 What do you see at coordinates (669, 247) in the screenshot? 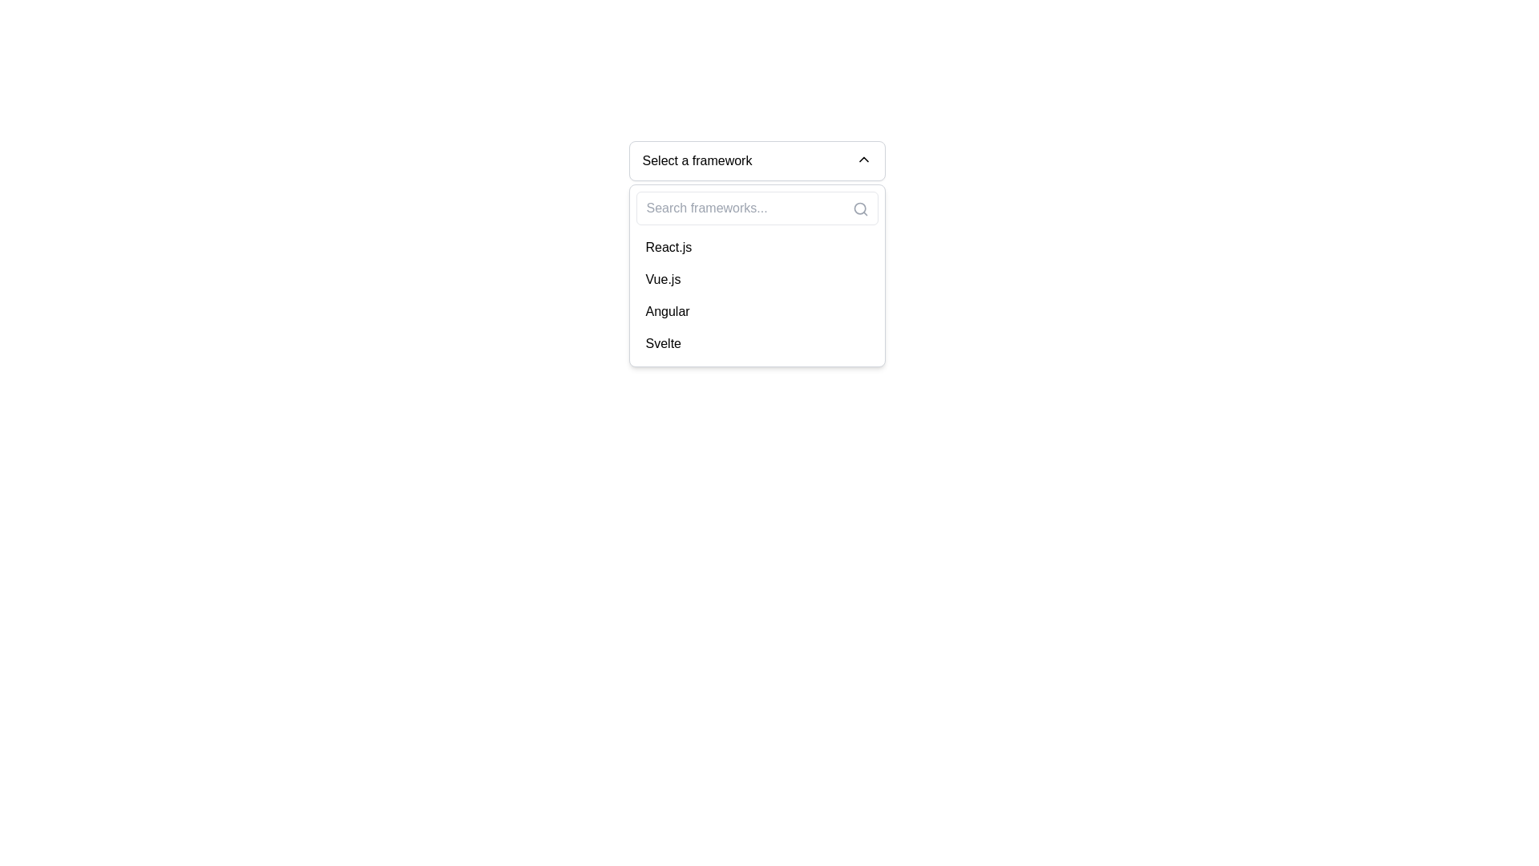
I see `the 'React.js' option in the dropdown menu located under the search bar, which is the first item in the list` at bounding box center [669, 247].